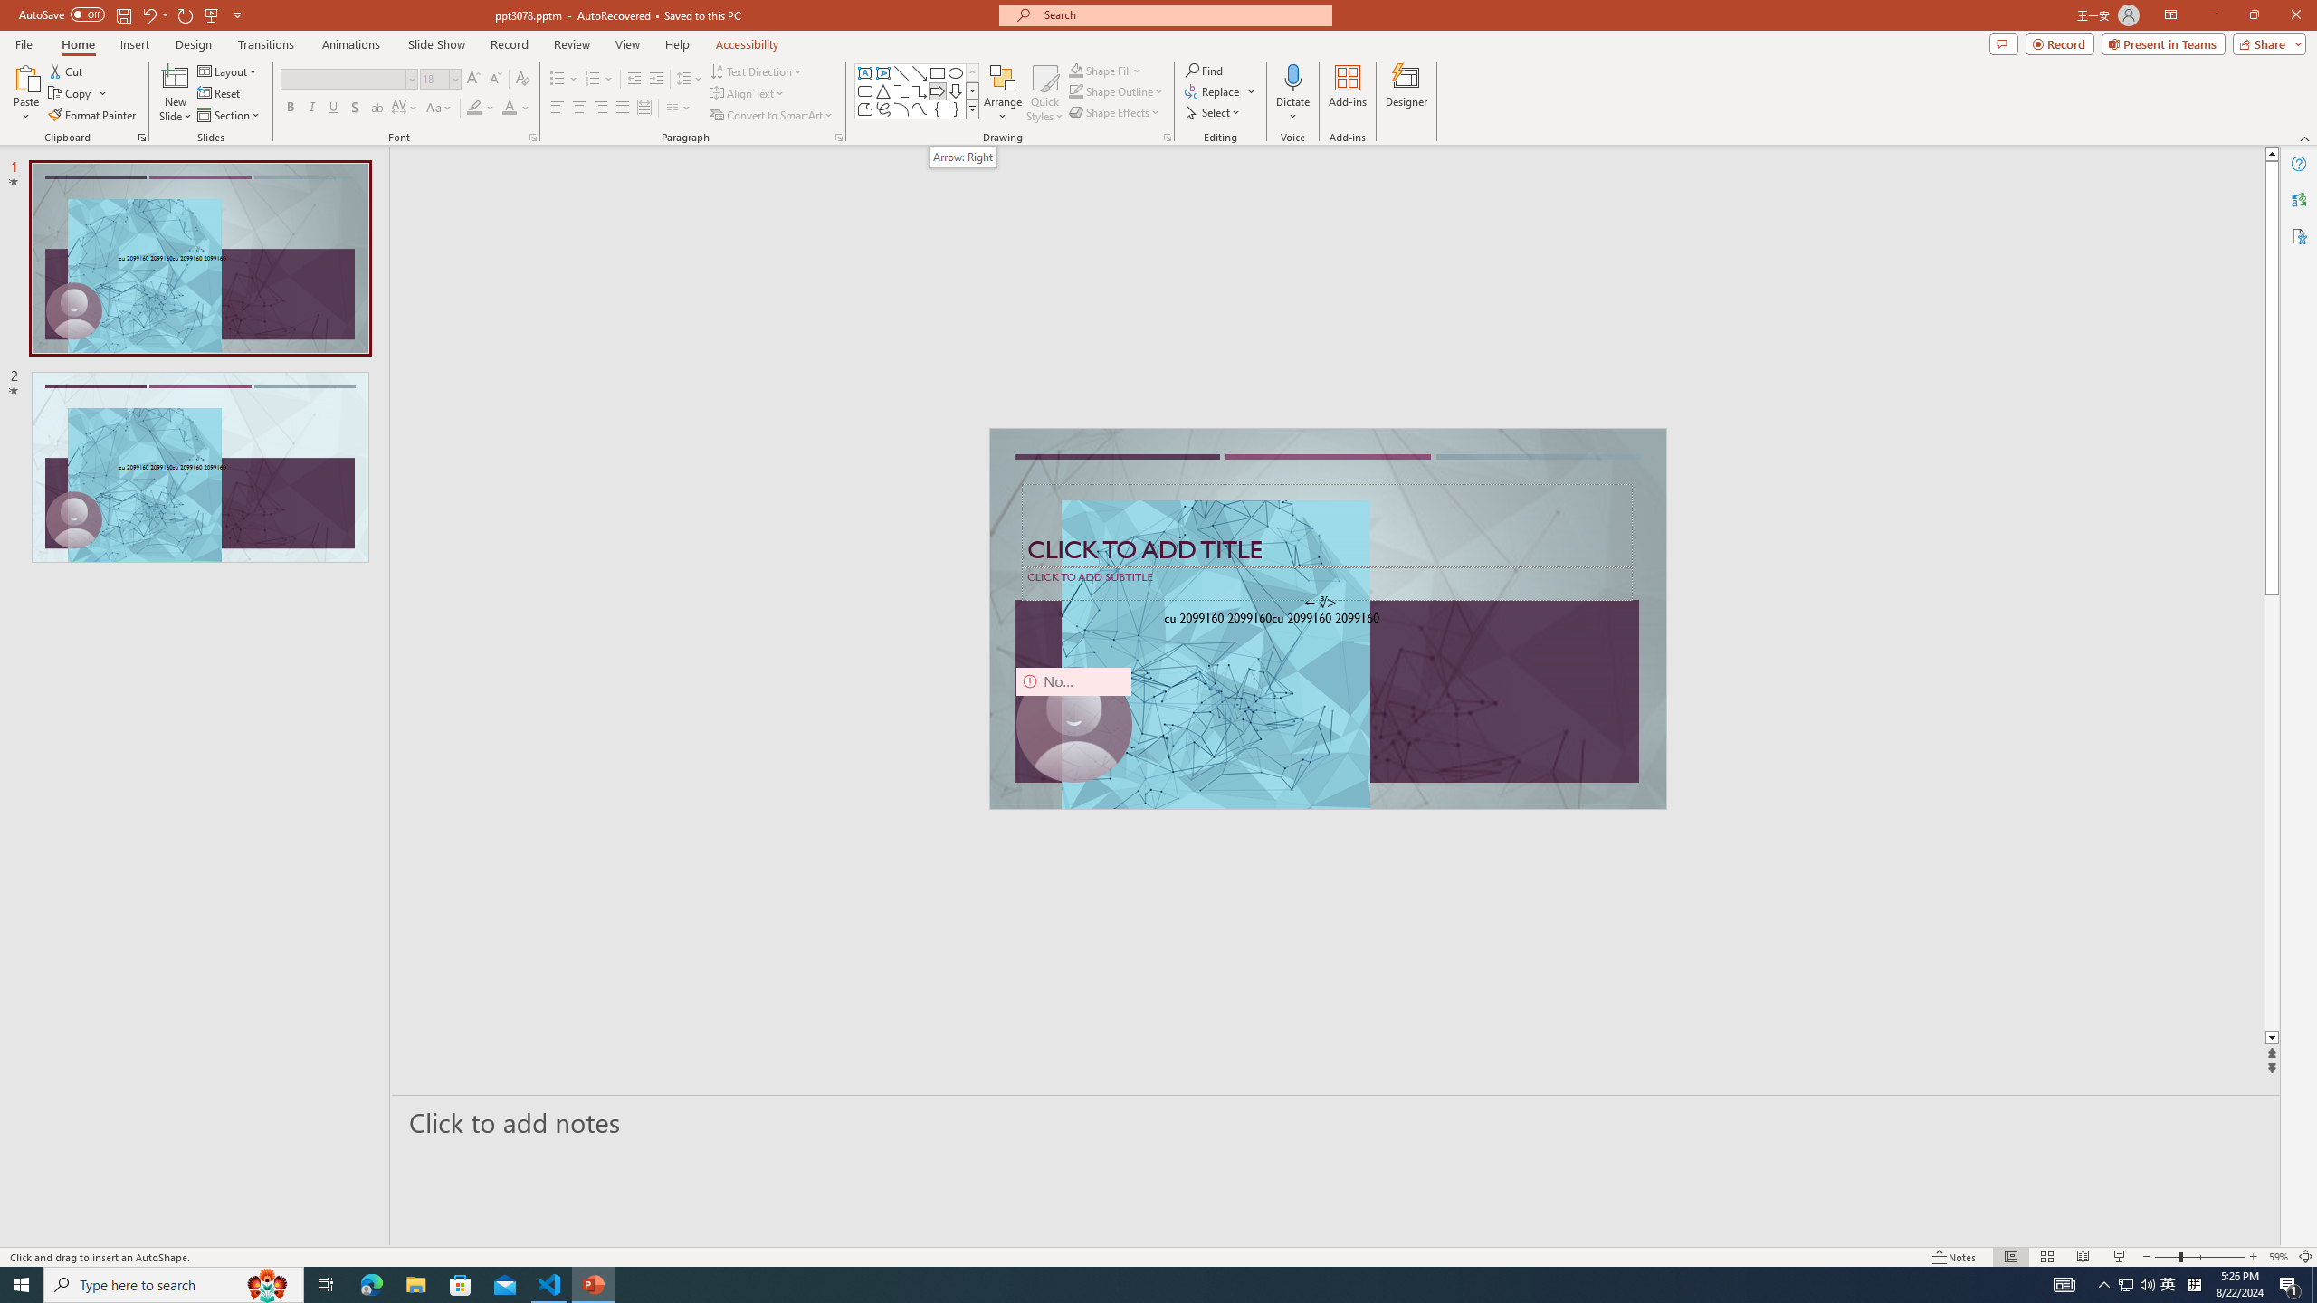 Image resolution: width=2317 pixels, height=1303 pixels. What do you see at coordinates (1076, 70) in the screenshot?
I see `'Shape Fill Dark Green, Accent 2'` at bounding box center [1076, 70].